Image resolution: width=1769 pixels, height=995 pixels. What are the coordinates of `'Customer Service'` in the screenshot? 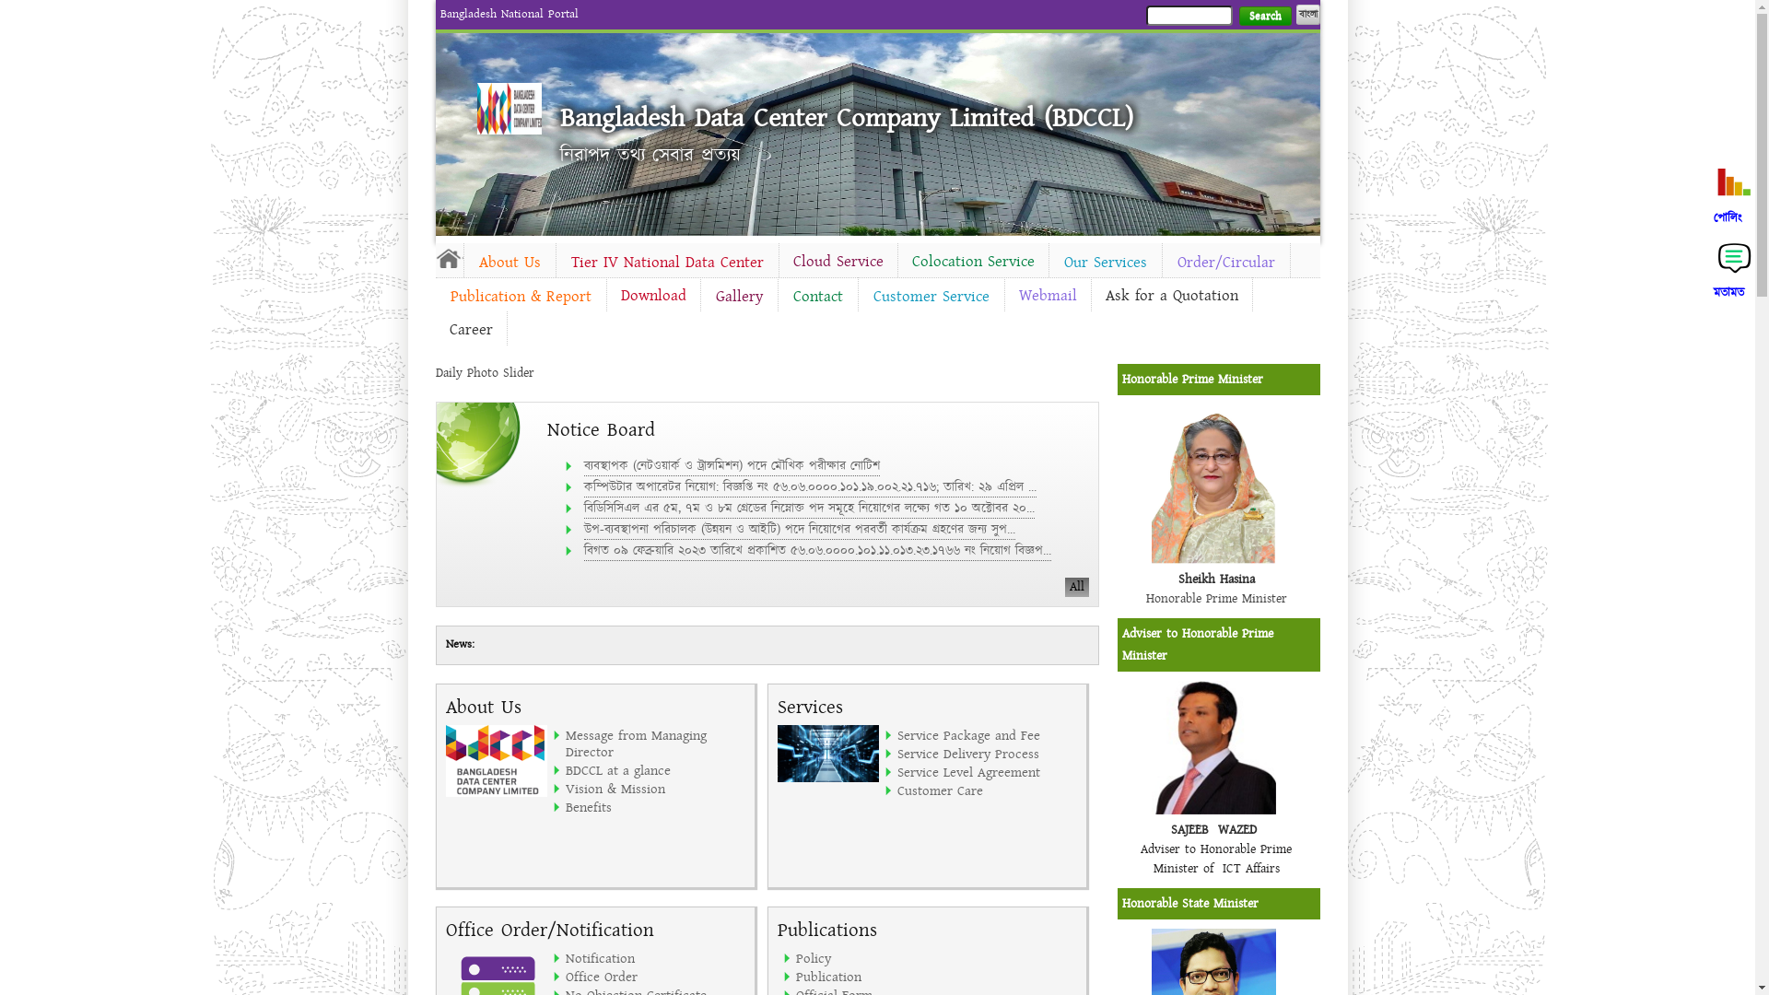 It's located at (857, 295).